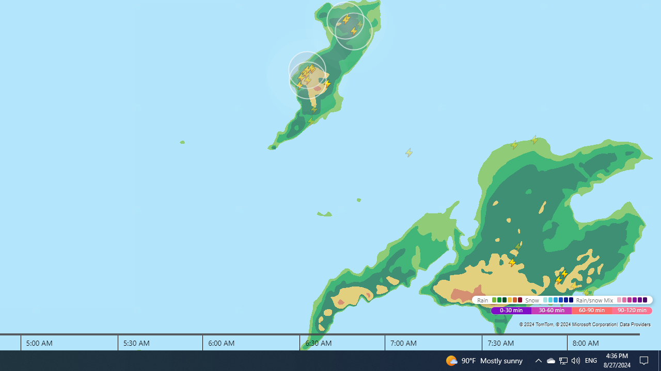 The image size is (661, 371). Describe the element at coordinates (646, 360) in the screenshot. I see `'Action Center, No new notifications'` at that location.